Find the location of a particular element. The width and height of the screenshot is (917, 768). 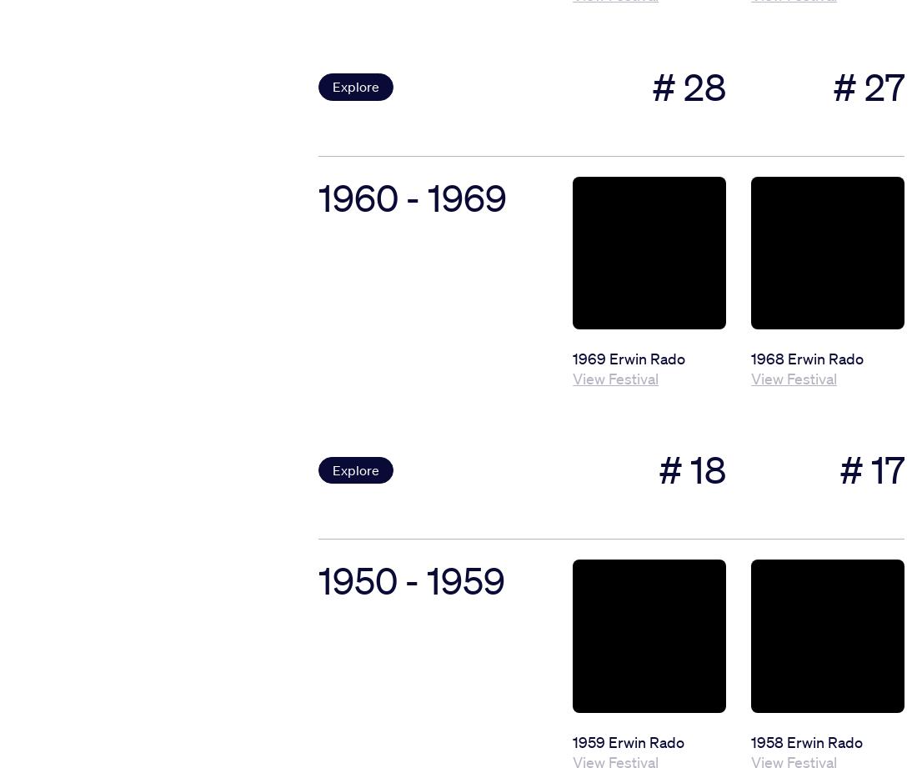

'# 17' is located at coordinates (871, 469).